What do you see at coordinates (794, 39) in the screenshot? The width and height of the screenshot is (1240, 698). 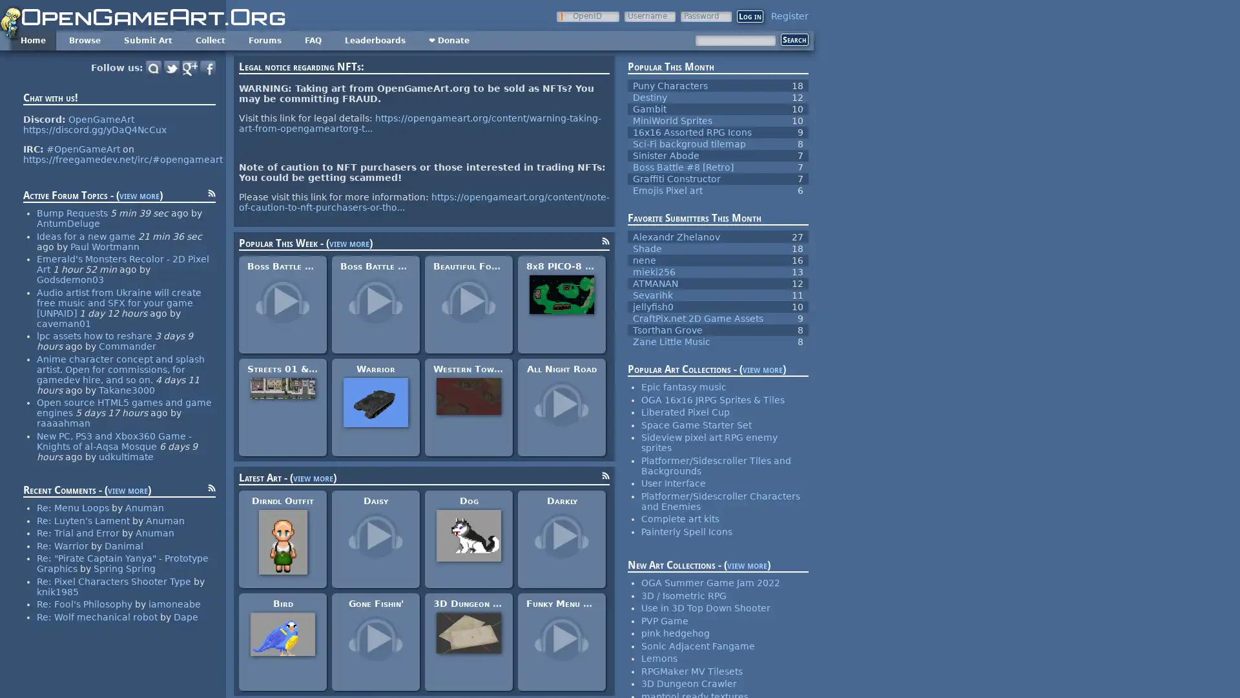 I see `Search` at bounding box center [794, 39].